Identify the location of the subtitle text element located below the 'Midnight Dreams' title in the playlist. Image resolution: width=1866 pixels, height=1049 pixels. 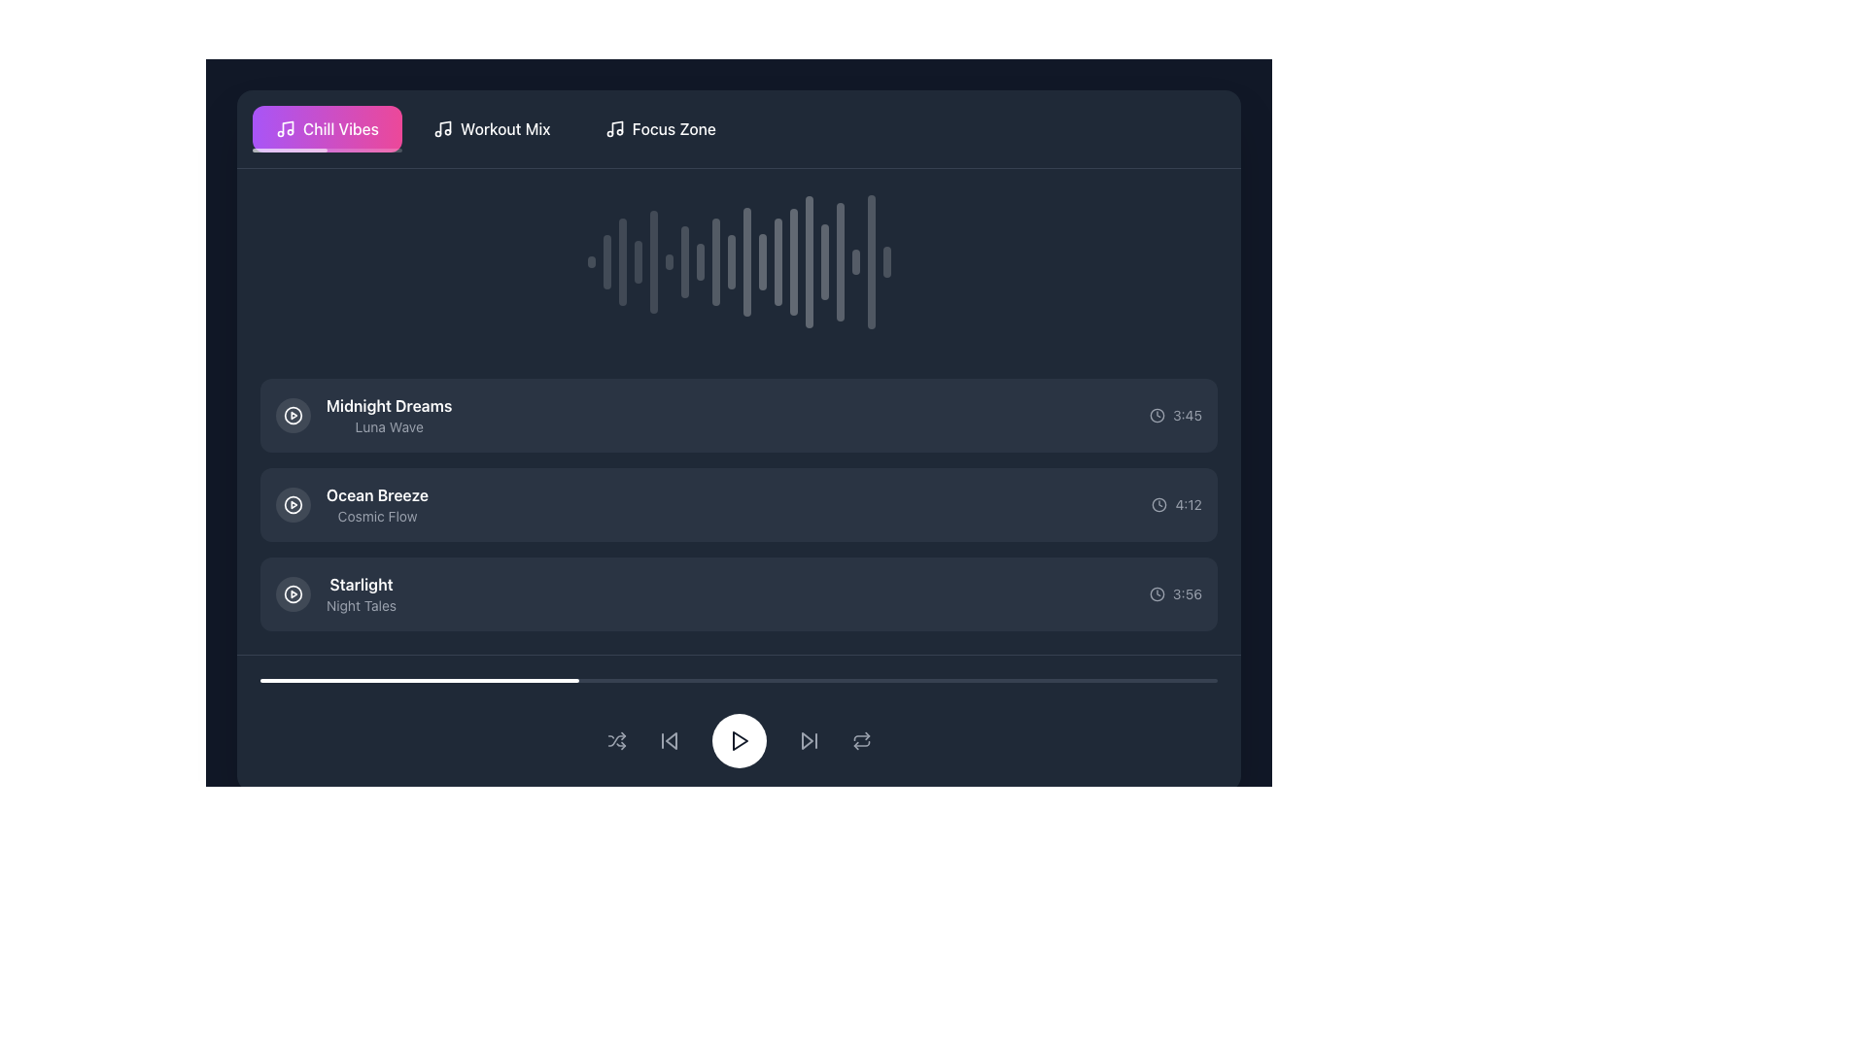
(389, 425).